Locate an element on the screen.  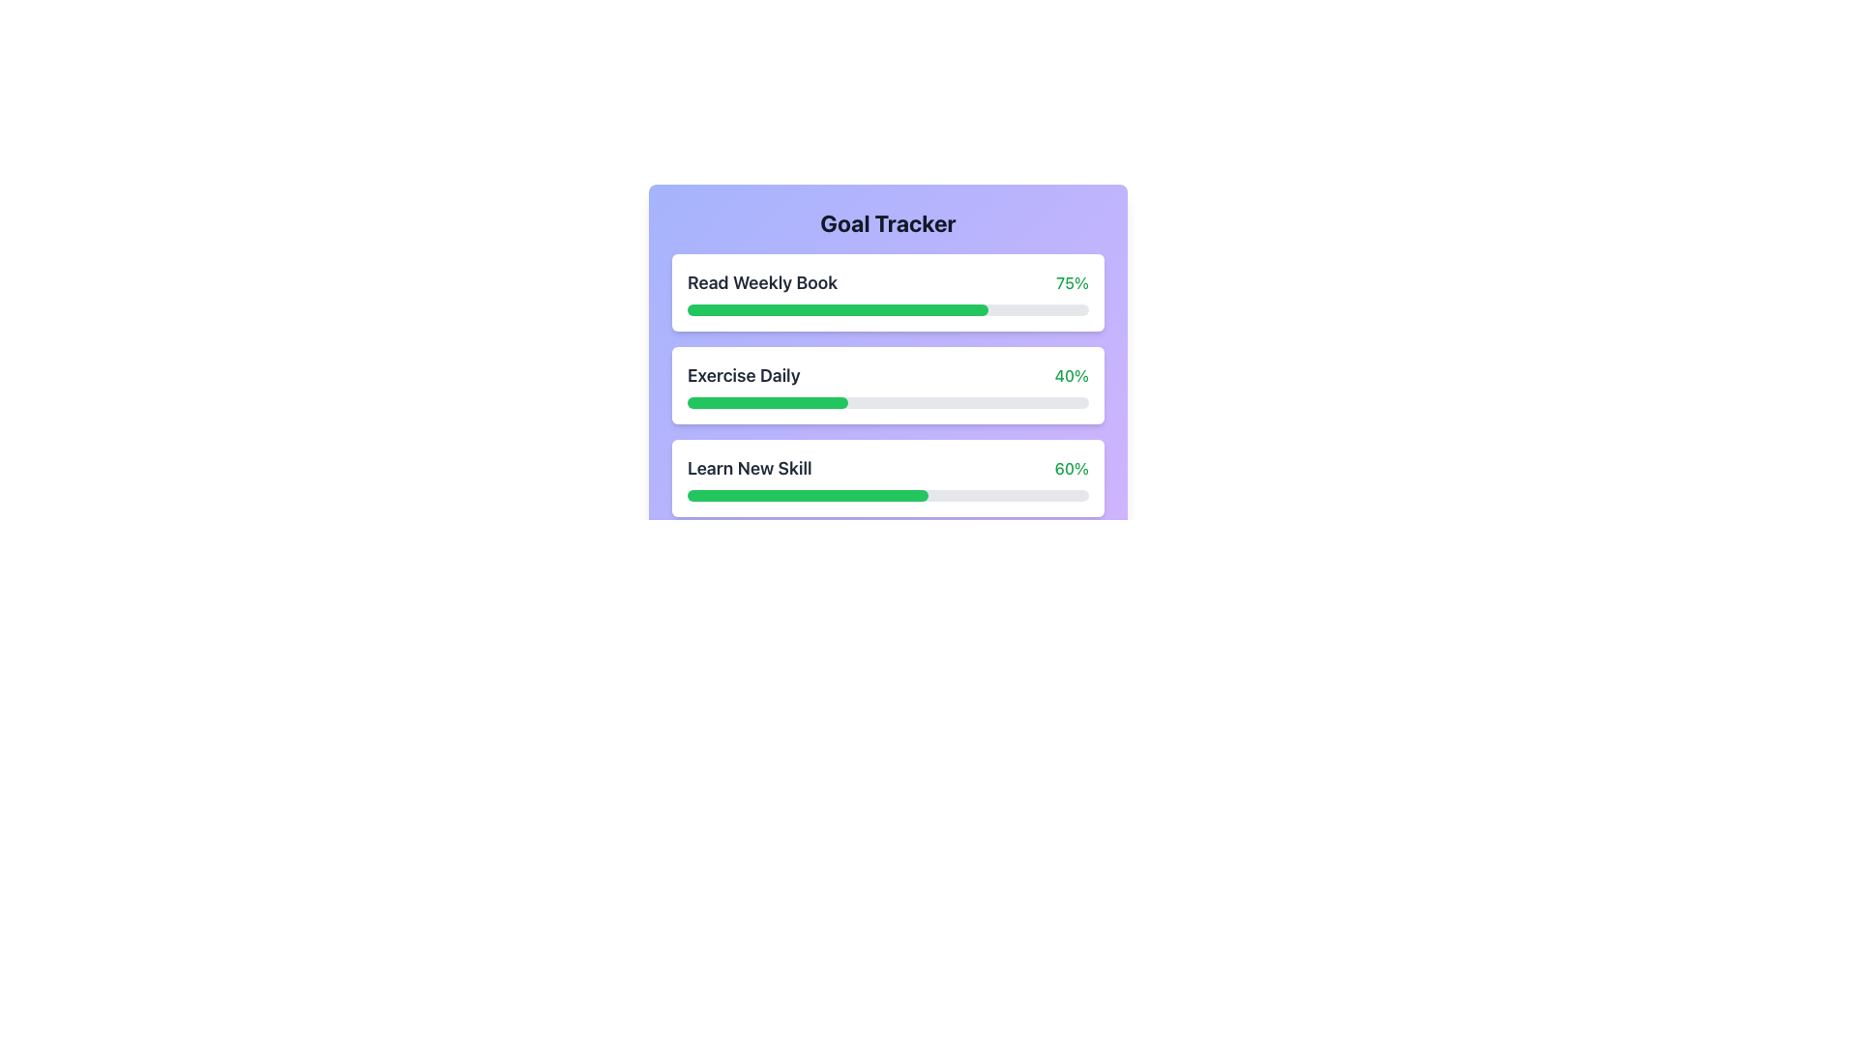
the second progress bar representing 40% completion for the task 'Exercise Daily' is located at coordinates (766, 401).